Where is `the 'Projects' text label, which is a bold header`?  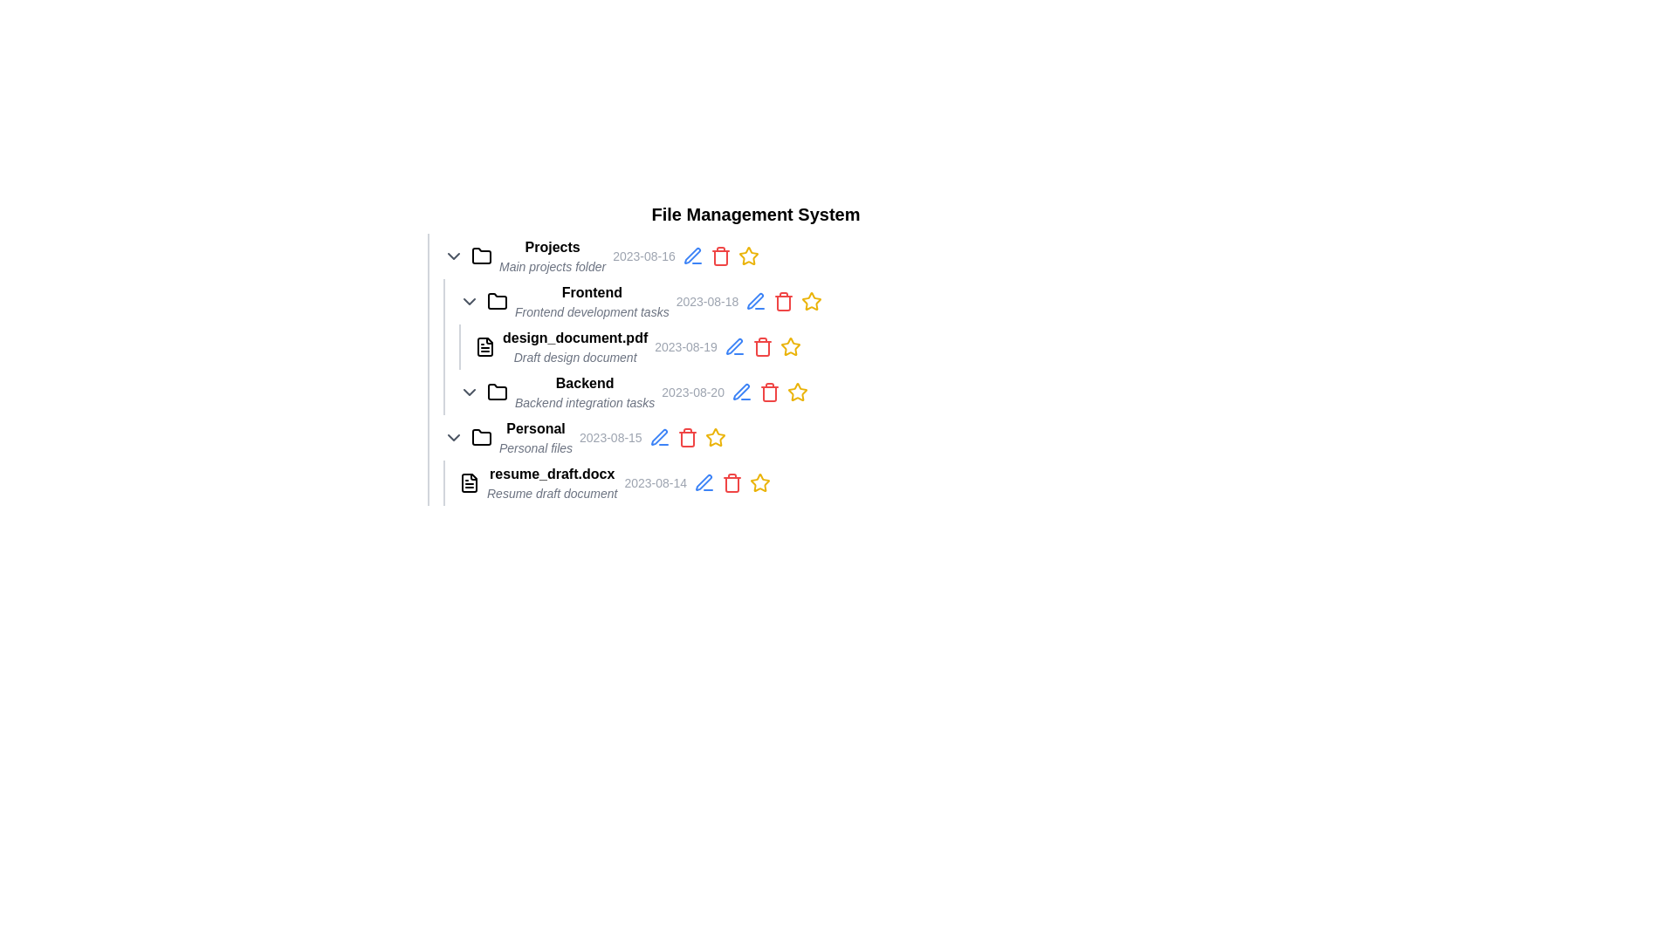 the 'Projects' text label, which is a bold header is located at coordinates (552, 256).